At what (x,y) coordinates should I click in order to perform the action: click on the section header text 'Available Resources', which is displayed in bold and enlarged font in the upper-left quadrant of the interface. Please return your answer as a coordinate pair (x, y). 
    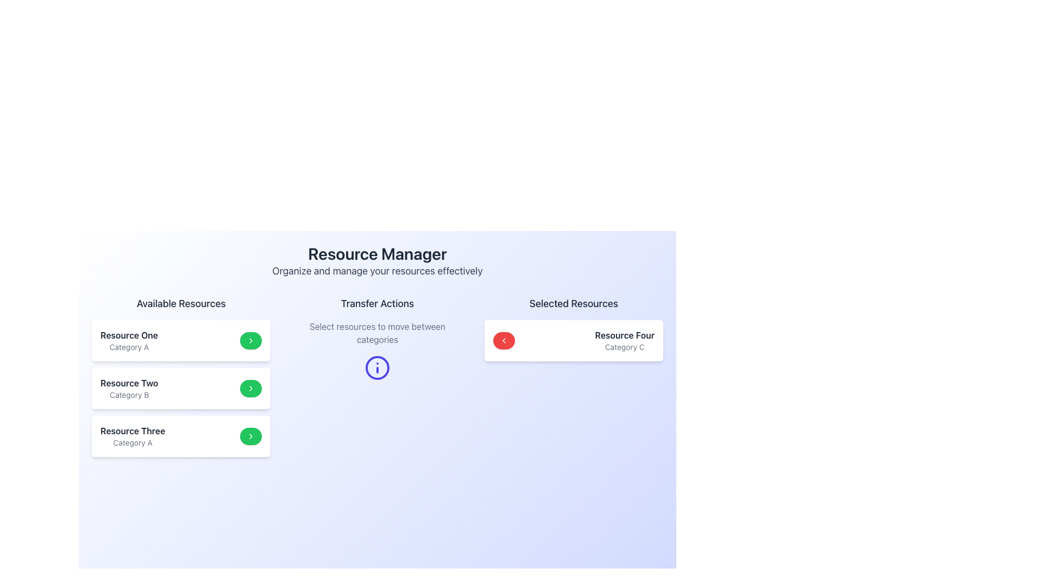
    Looking at the image, I should click on (181, 304).